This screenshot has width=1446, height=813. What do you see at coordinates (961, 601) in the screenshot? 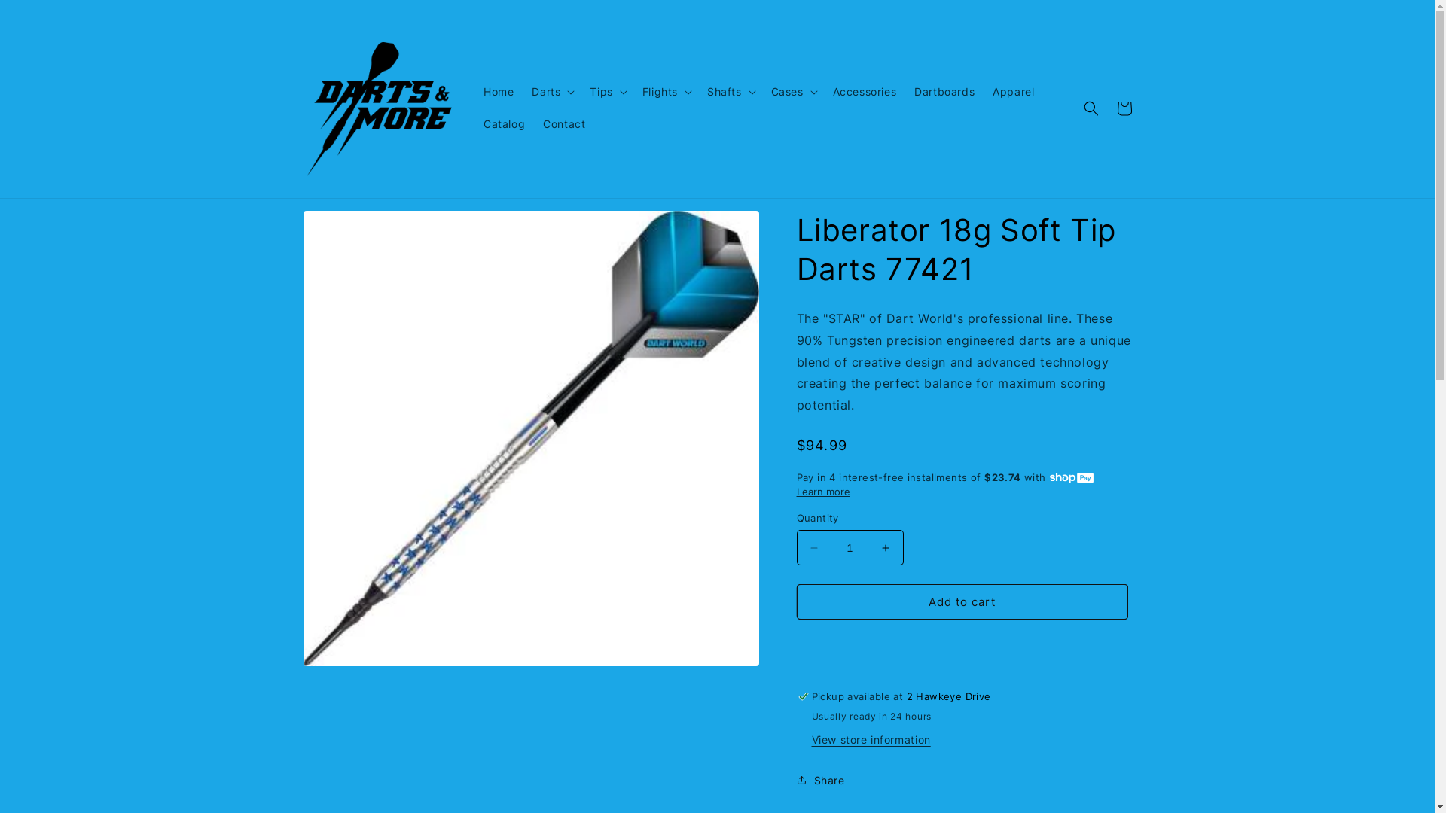
I see `'Add to cart'` at bounding box center [961, 601].